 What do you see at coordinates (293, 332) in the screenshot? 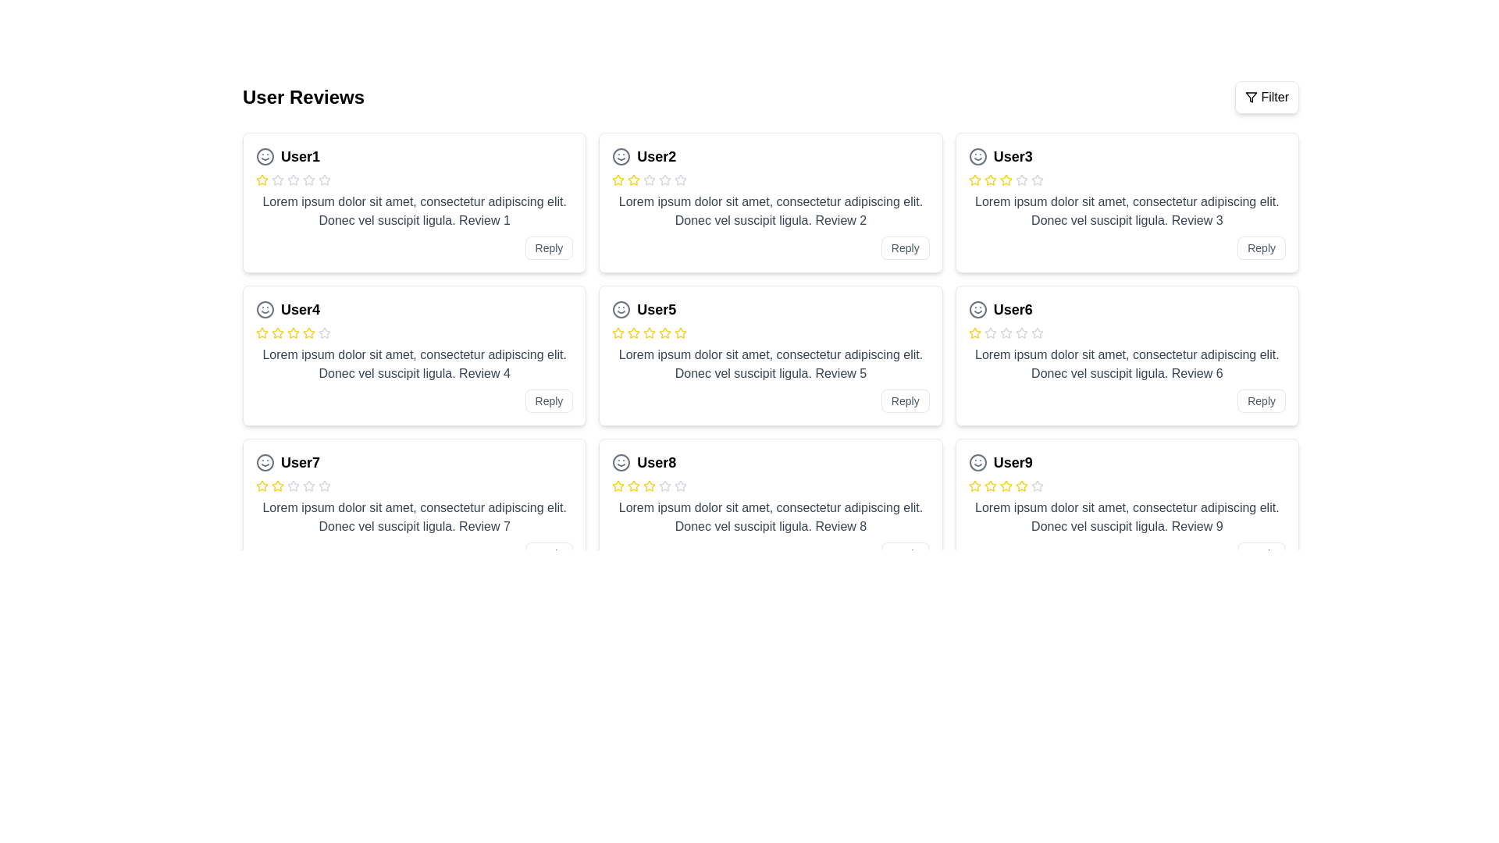
I see `the third star icon in the 5-star rating system for 'User4'` at bounding box center [293, 332].